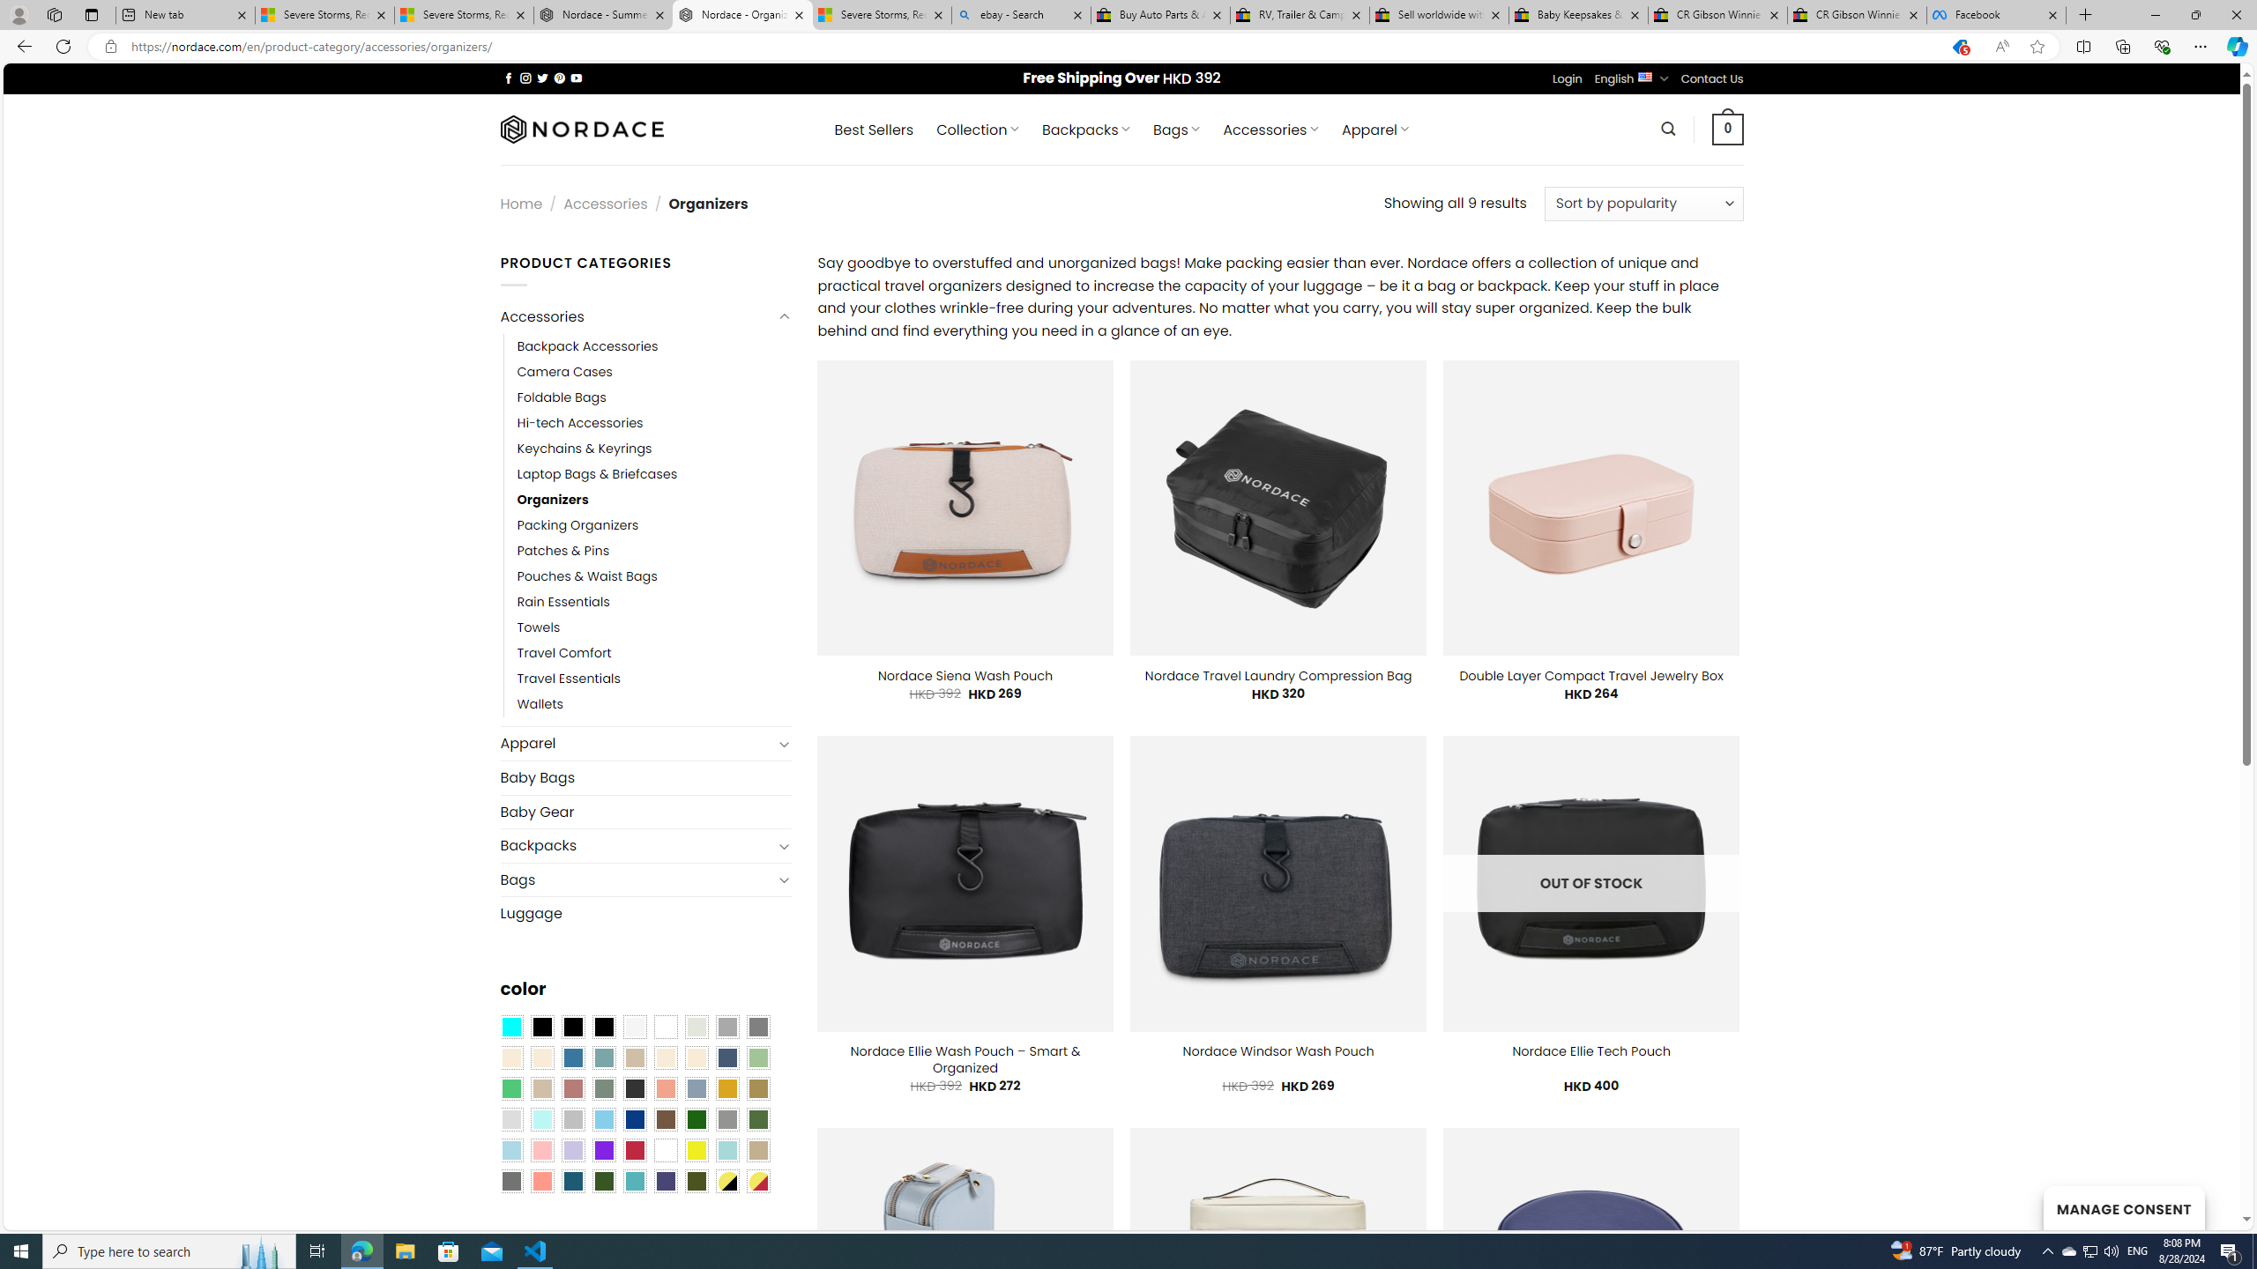  What do you see at coordinates (633, 1118) in the screenshot?
I see `'Navy Blue'` at bounding box center [633, 1118].